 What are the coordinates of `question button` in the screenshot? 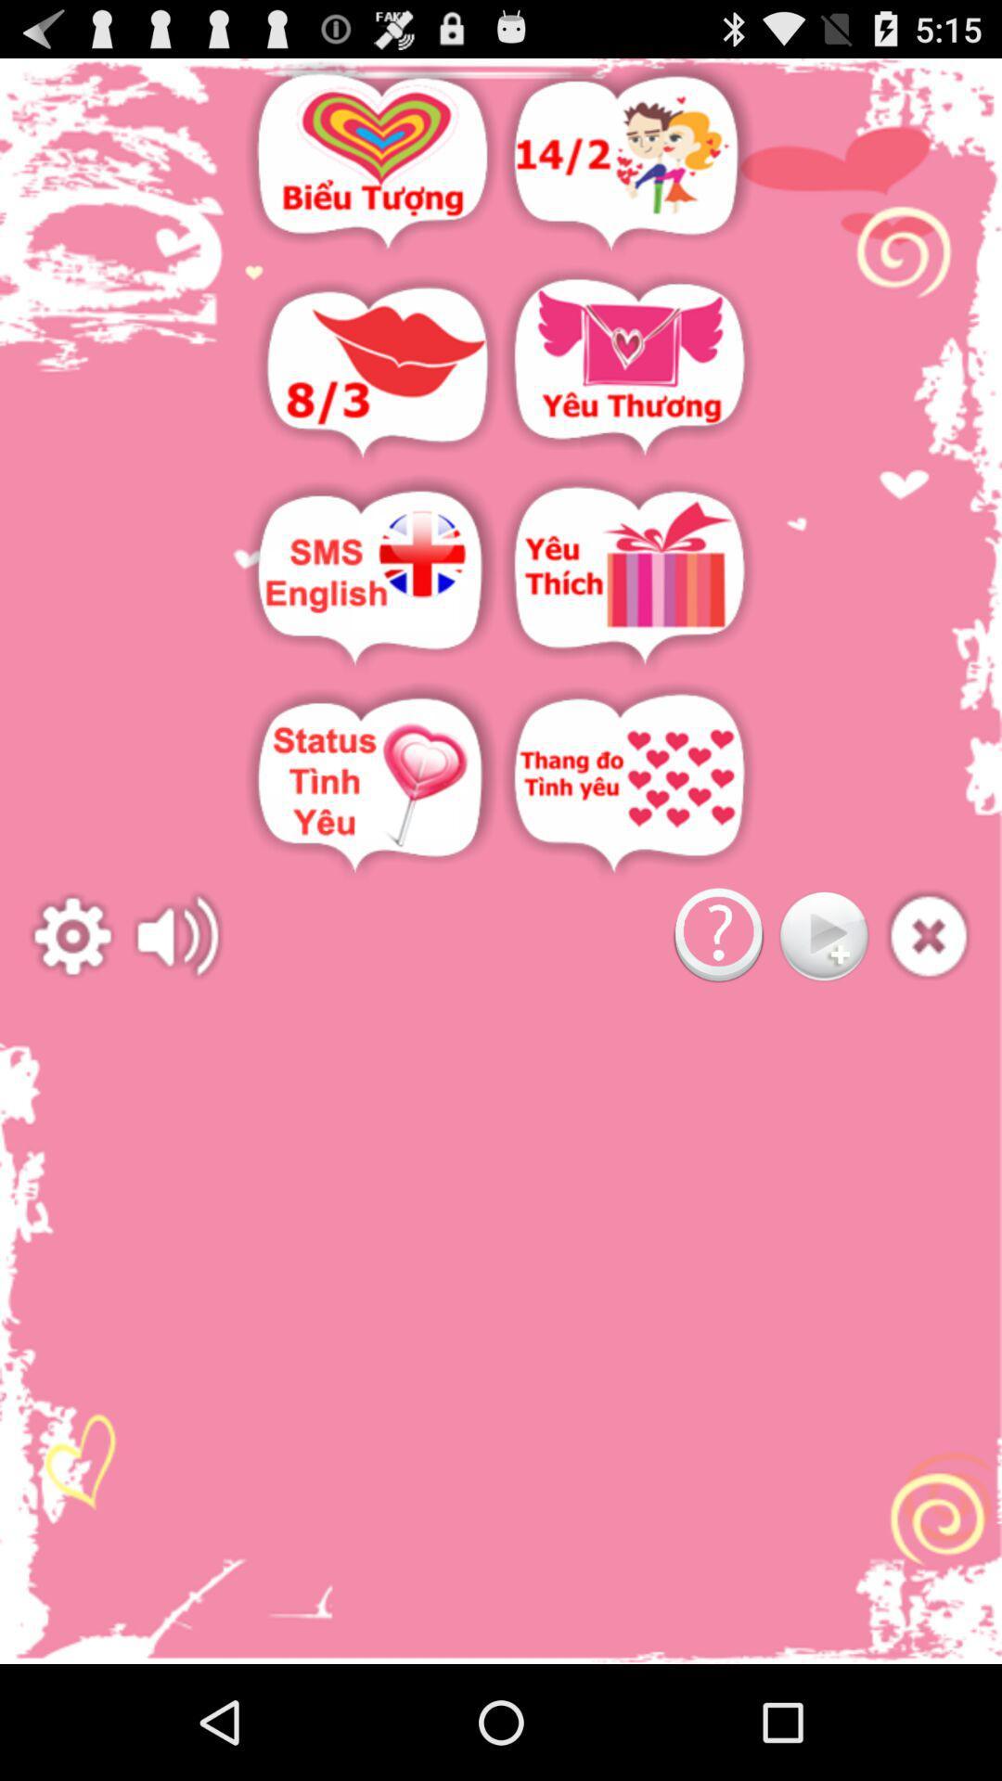 It's located at (717, 936).